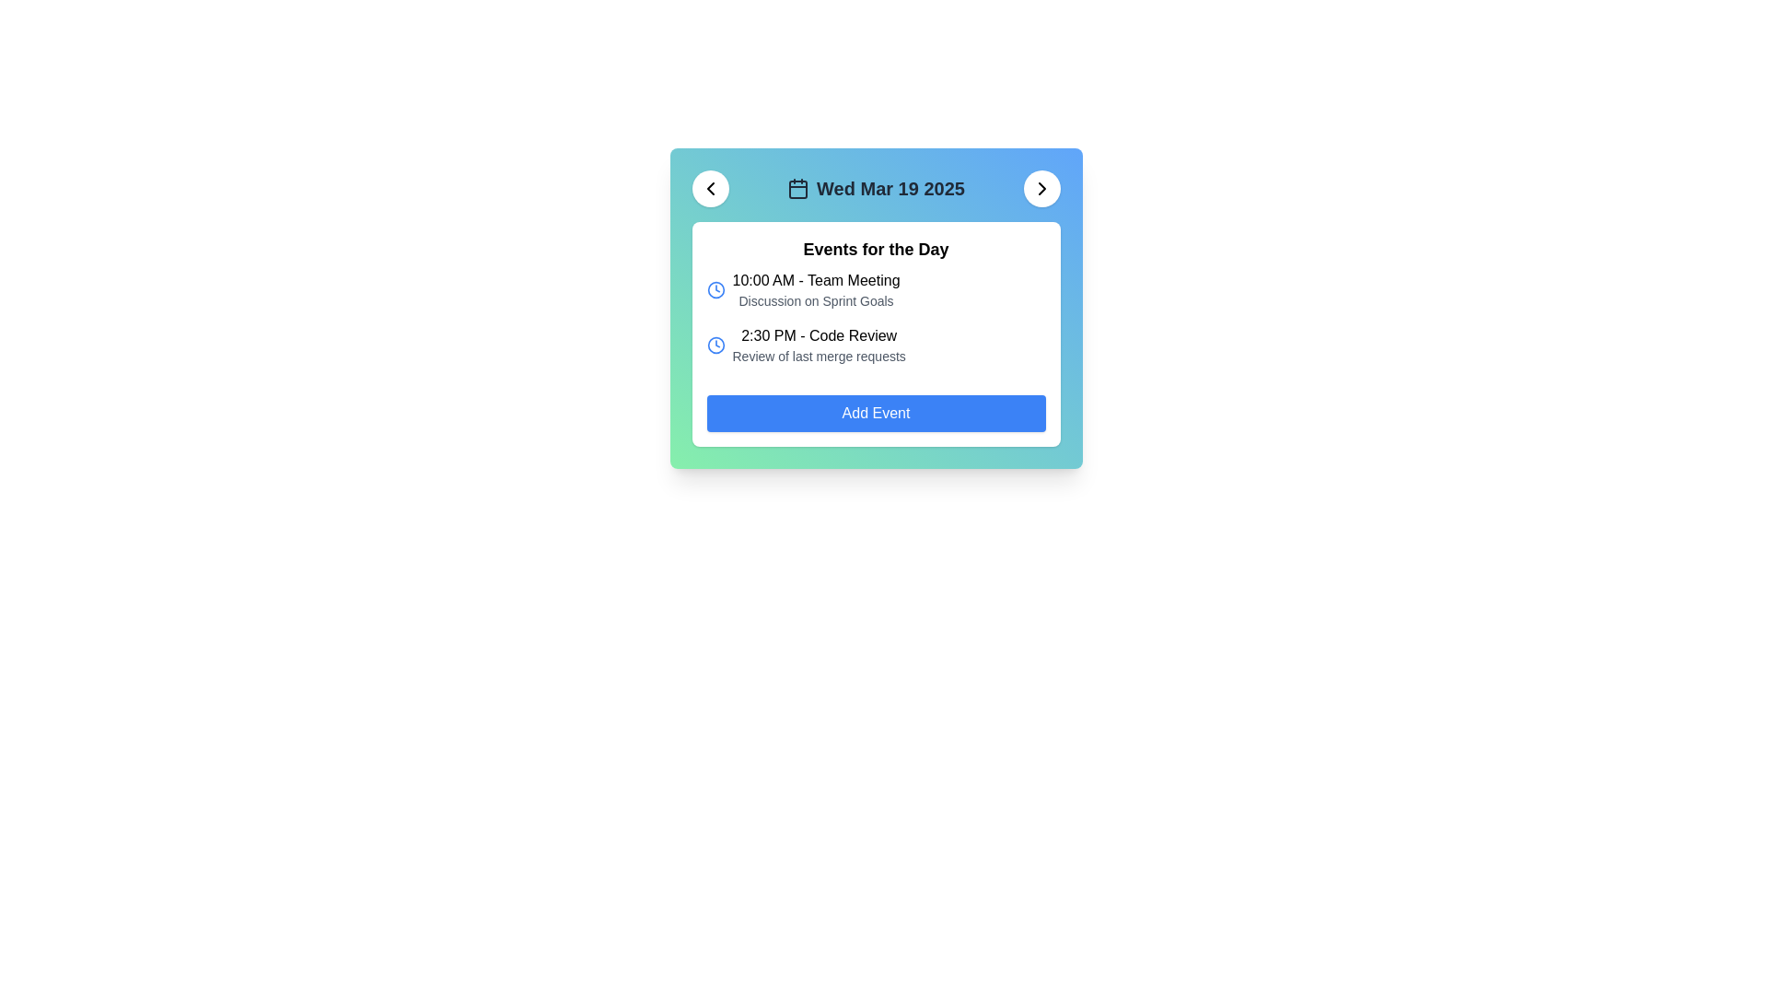  What do you see at coordinates (875, 345) in the screenshot?
I see `on the 'Code Review' event entry in the schedule list` at bounding box center [875, 345].